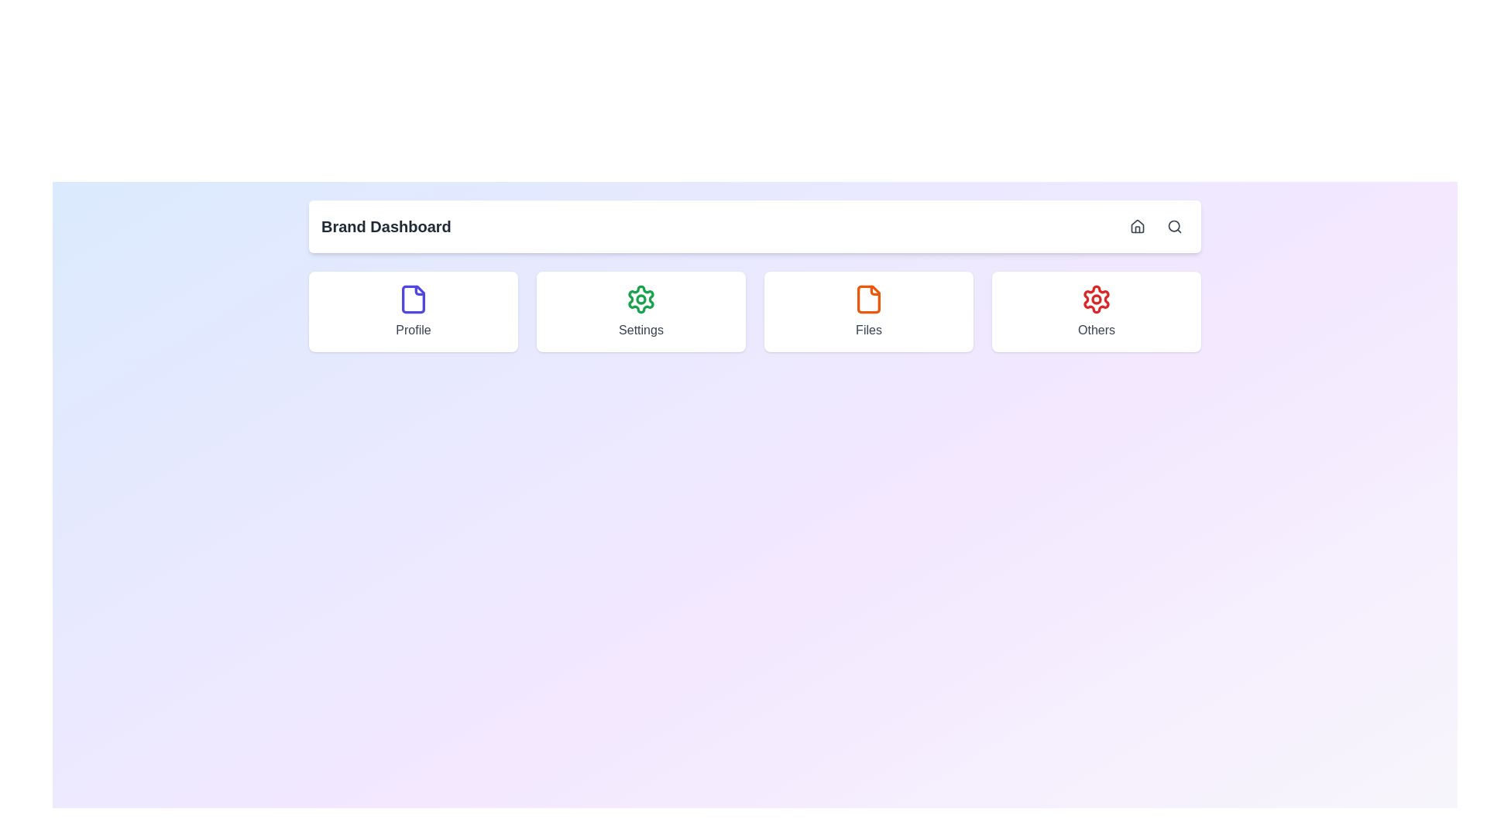  Describe the element at coordinates (869, 330) in the screenshot. I see `the Text label that indicates options related to files, positioned beneath the file icon in the third card of the grid` at that location.